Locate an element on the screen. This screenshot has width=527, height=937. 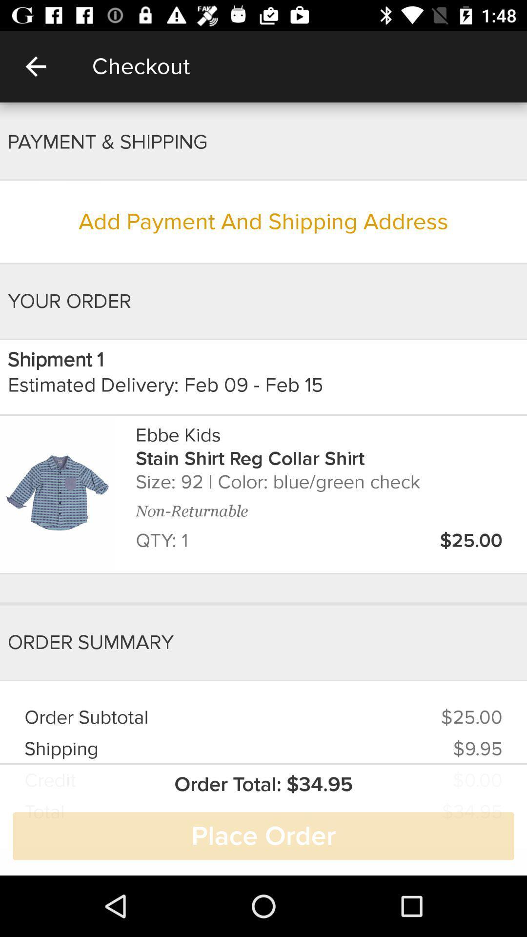
the icon next to checkout item is located at coordinates (35, 66).